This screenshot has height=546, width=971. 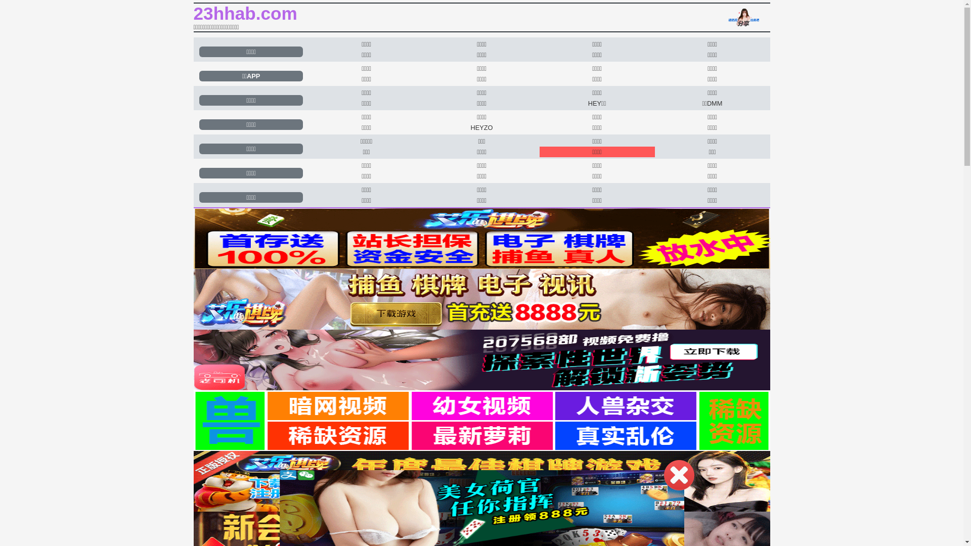 What do you see at coordinates (481, 127) in the screenshot?
I see `'HEYZO'` at bounding box center [481, 127].